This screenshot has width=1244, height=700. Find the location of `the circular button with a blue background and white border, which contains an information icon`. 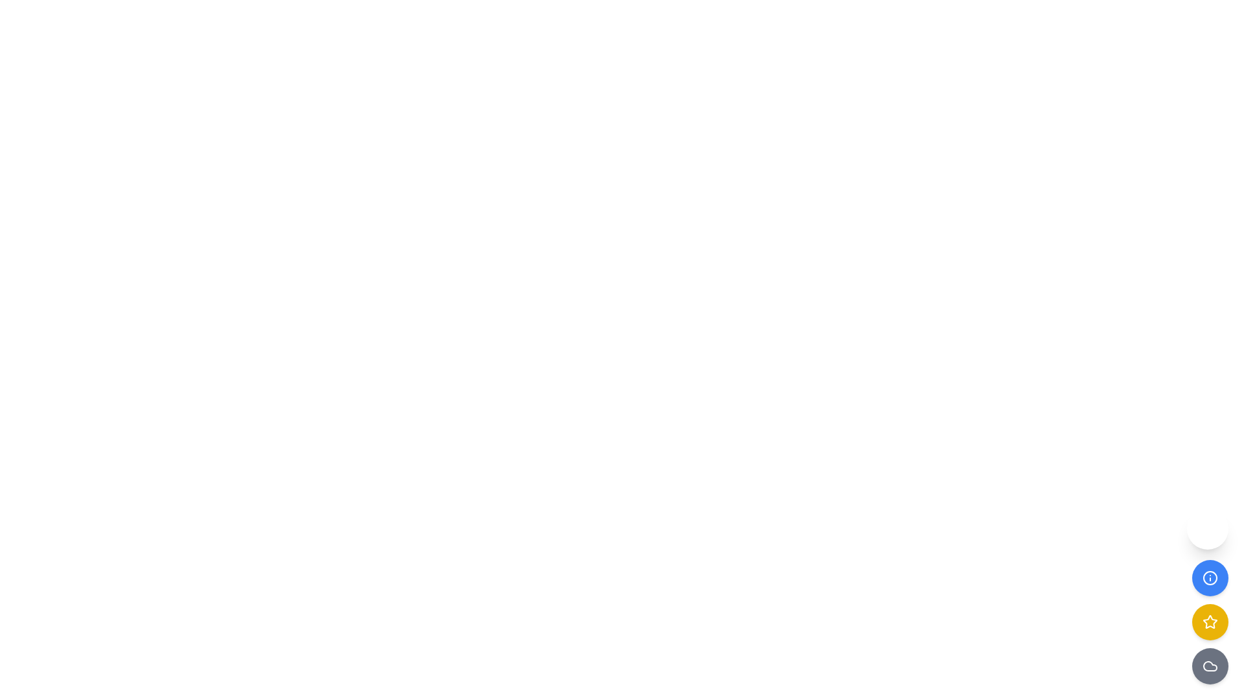

the circular button with a blue background and white border, which contains an information icon is located at coordinates (1209, 577).